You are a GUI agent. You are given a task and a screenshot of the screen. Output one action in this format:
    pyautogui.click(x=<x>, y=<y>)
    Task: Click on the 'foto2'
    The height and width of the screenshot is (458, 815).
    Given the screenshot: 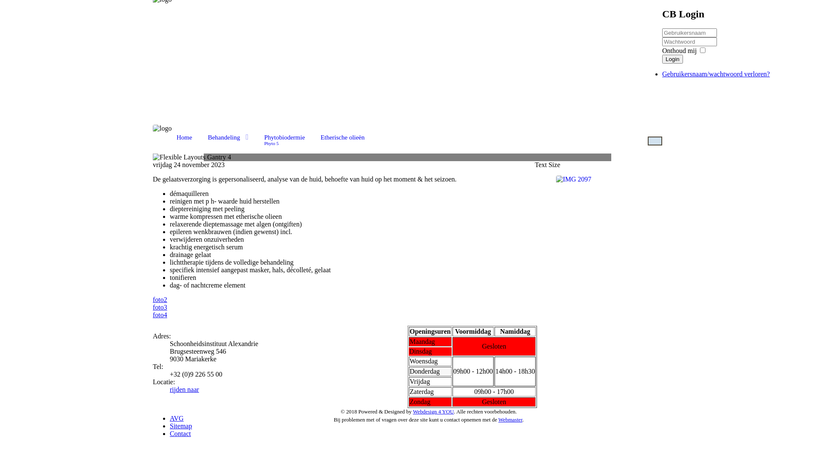 What is the action you would take?
    pyautogui.click(x=160, y=299)
    